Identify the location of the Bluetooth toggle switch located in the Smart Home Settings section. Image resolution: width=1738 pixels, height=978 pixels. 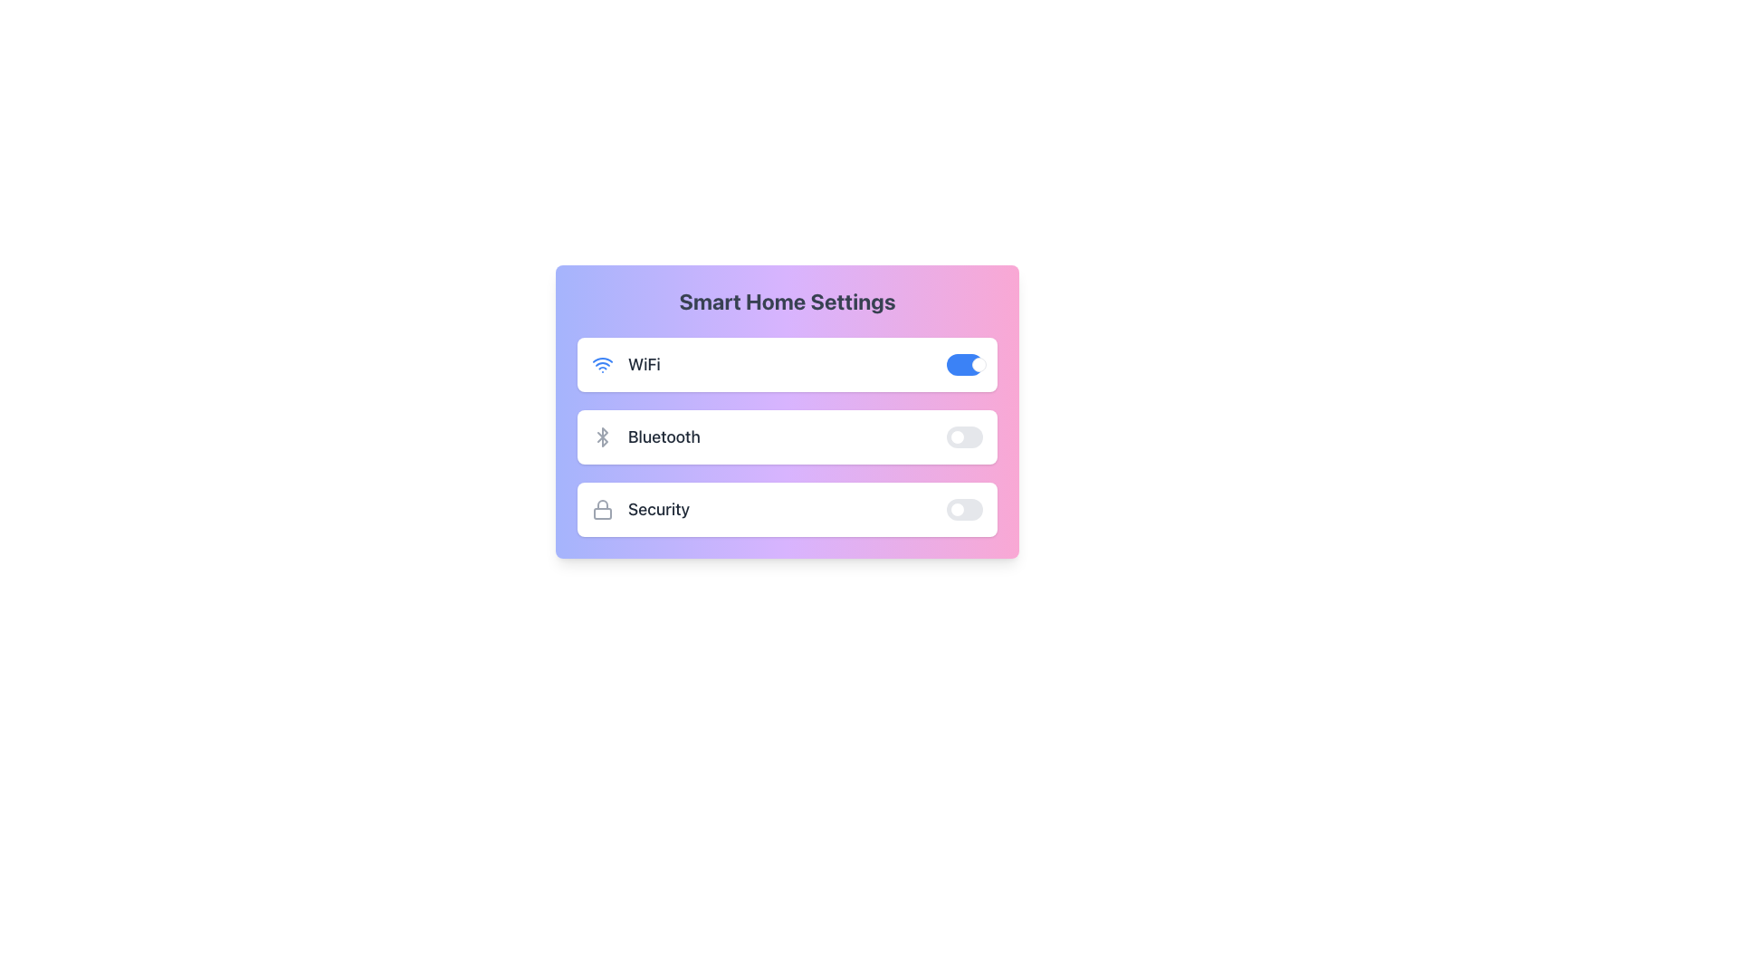
(963, 436).